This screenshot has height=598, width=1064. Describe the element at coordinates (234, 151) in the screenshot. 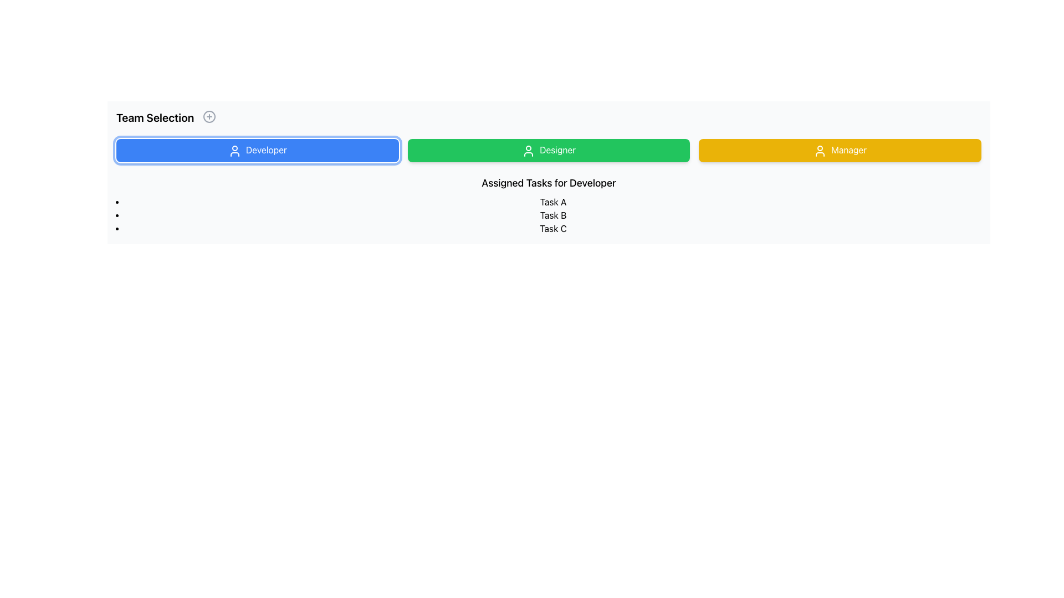

I see `the user icon with a circular head and shoulders design, which is part of the rectangular blue button labeled 'Developer'` at that location.